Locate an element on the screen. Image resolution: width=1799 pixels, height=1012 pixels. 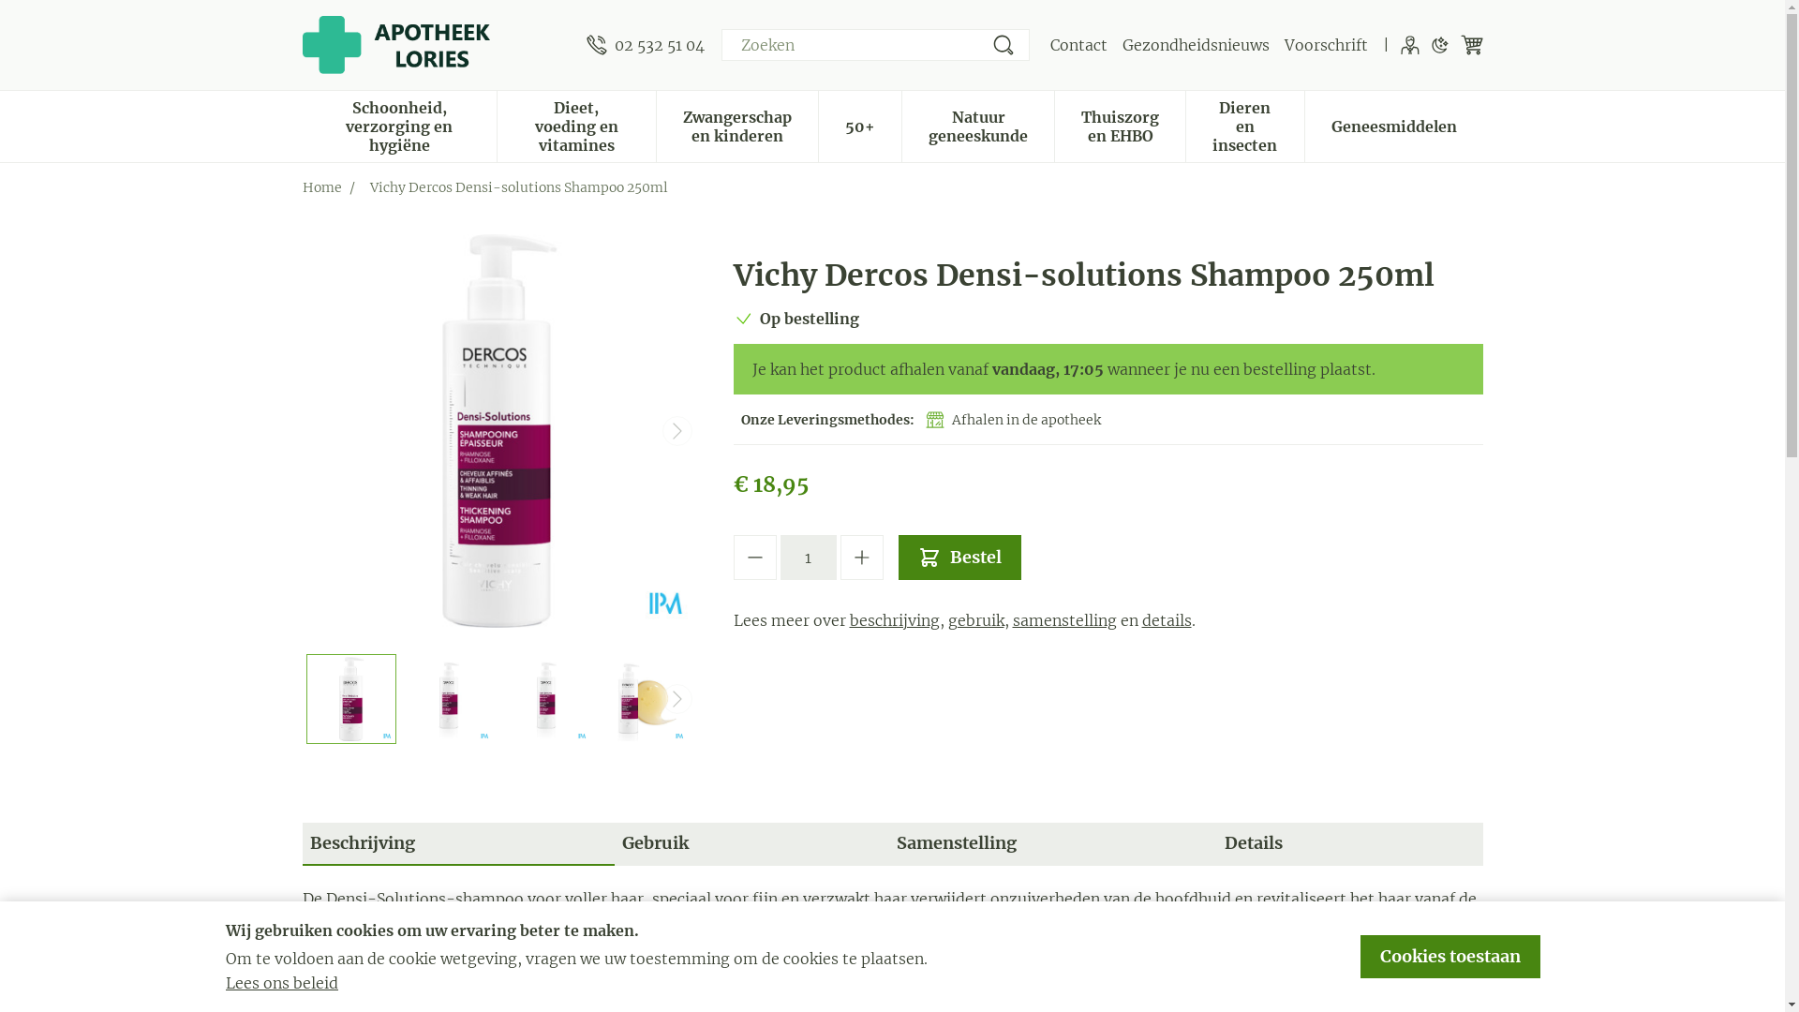
'Klant menu' is located at coordinates (1408, 43).